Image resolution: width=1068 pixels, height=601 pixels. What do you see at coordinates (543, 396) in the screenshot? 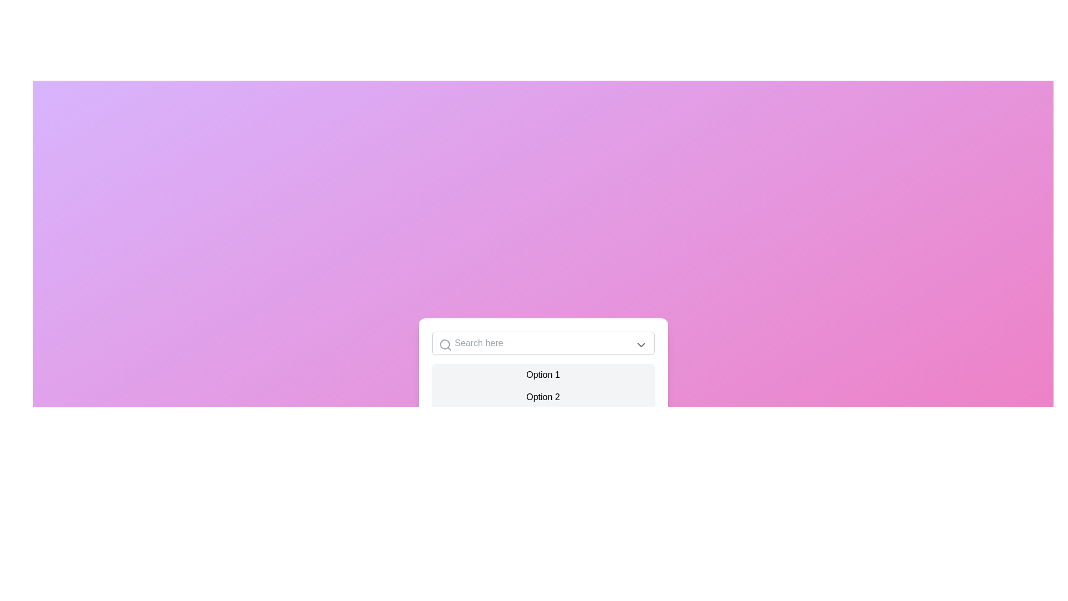
I see `an option in the Dropdown Menu Item List` at bounding box center [543, 396].